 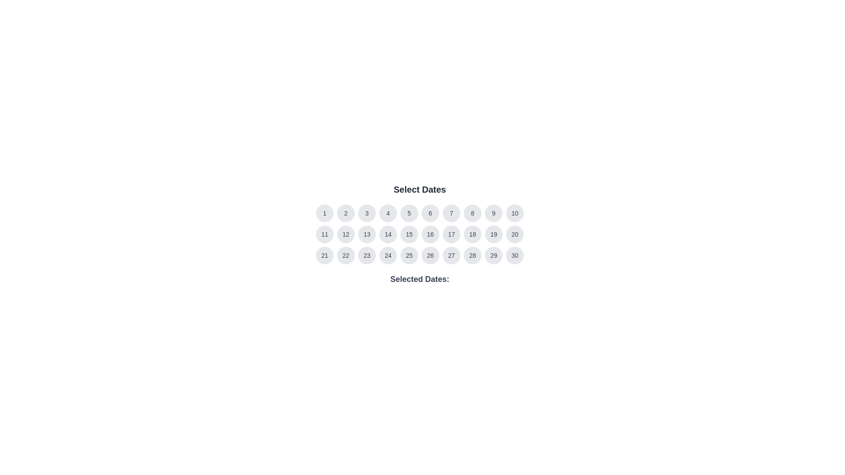 What do you see at coordinates (388, 213) in the screenshot?
I see `the rounded button with a light gray background and the numeral '4' centered within it` at bounding box center [388, 213].